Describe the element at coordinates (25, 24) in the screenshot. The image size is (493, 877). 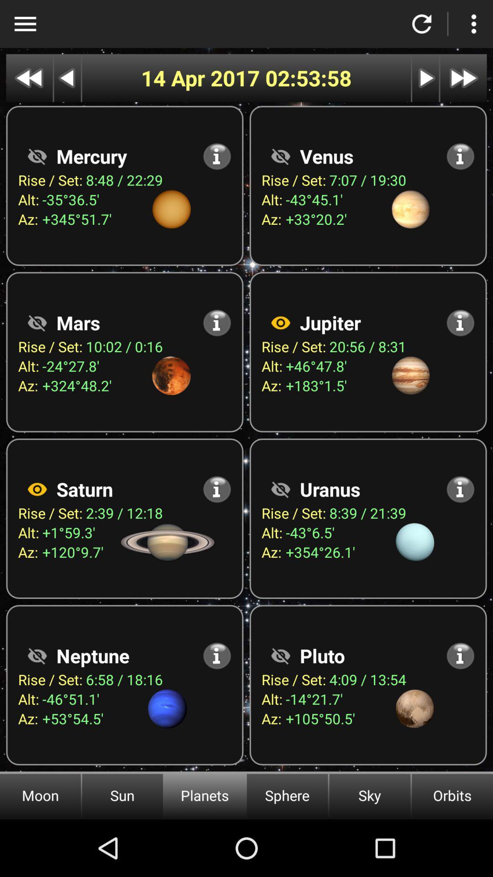
I see `the menu icon` at that location.